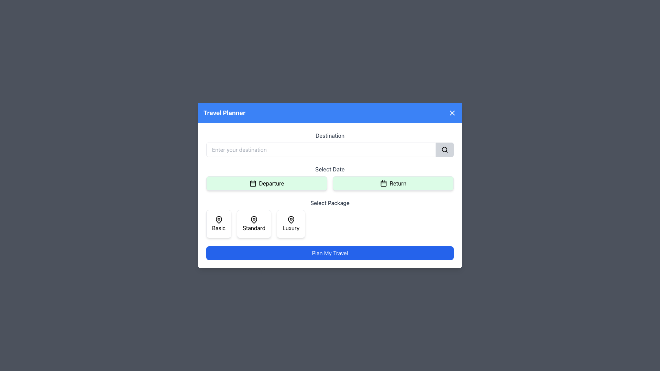 The height and width of the screenshot is (371, 660). Describe the element at coordinates (254, 220) in the screenshot. I see `the Decorative icon representing the 'Standard' package option in the 'Select Package' section` at that location.